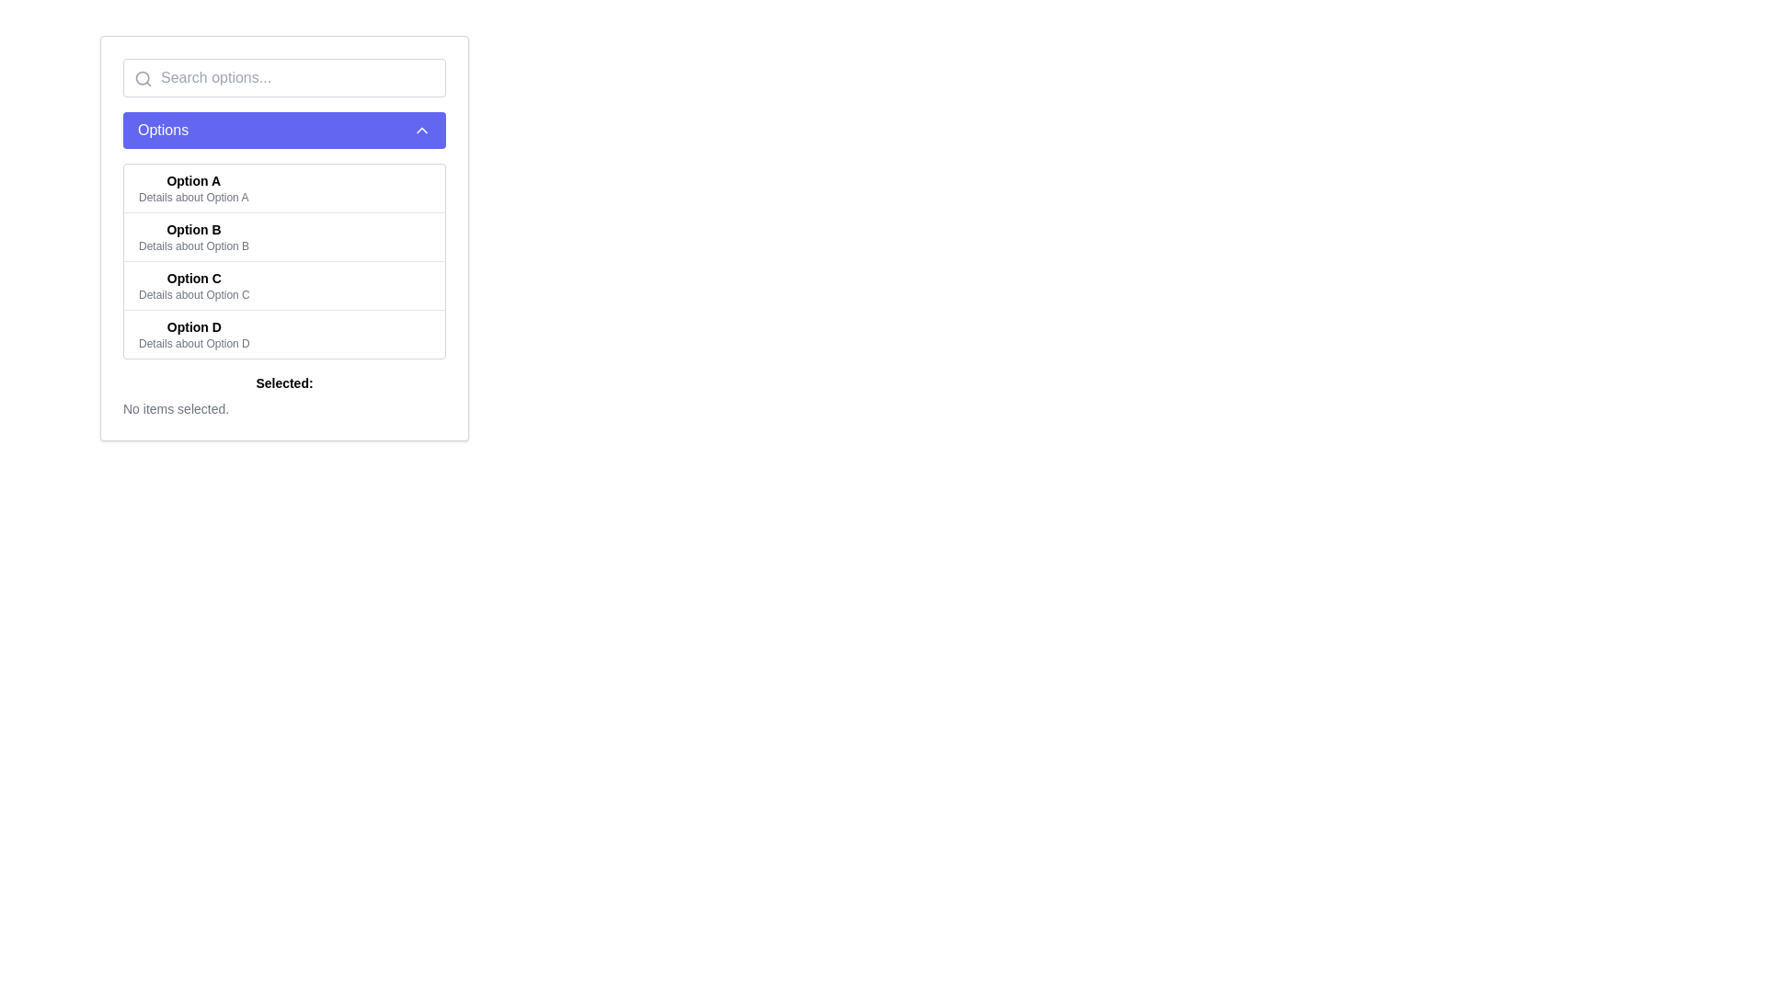 The width and height of the screenshot is (1766, 993). What do you see at coordinates (194, 245) in the screenshot?
I see `the text label displaying 'Details about Option B', which is styled with a small font size and light gray color, located below 'Option B' in the second option row of the vertical list` at bounding box center [194, 245].